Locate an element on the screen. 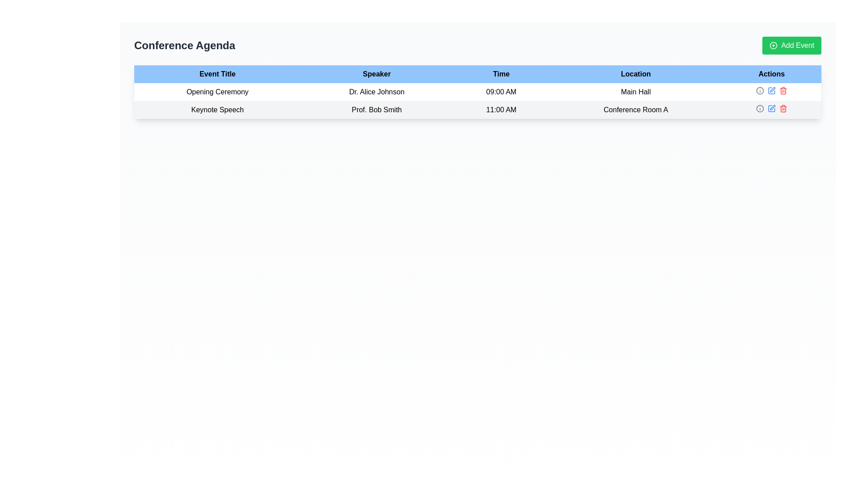 Image resolution: width=859 pixels, height=483 pixels. the 'Edit' icon button located in the actions column of the table row for 'Opening Ceremony' is located at coordinates (771, 91).